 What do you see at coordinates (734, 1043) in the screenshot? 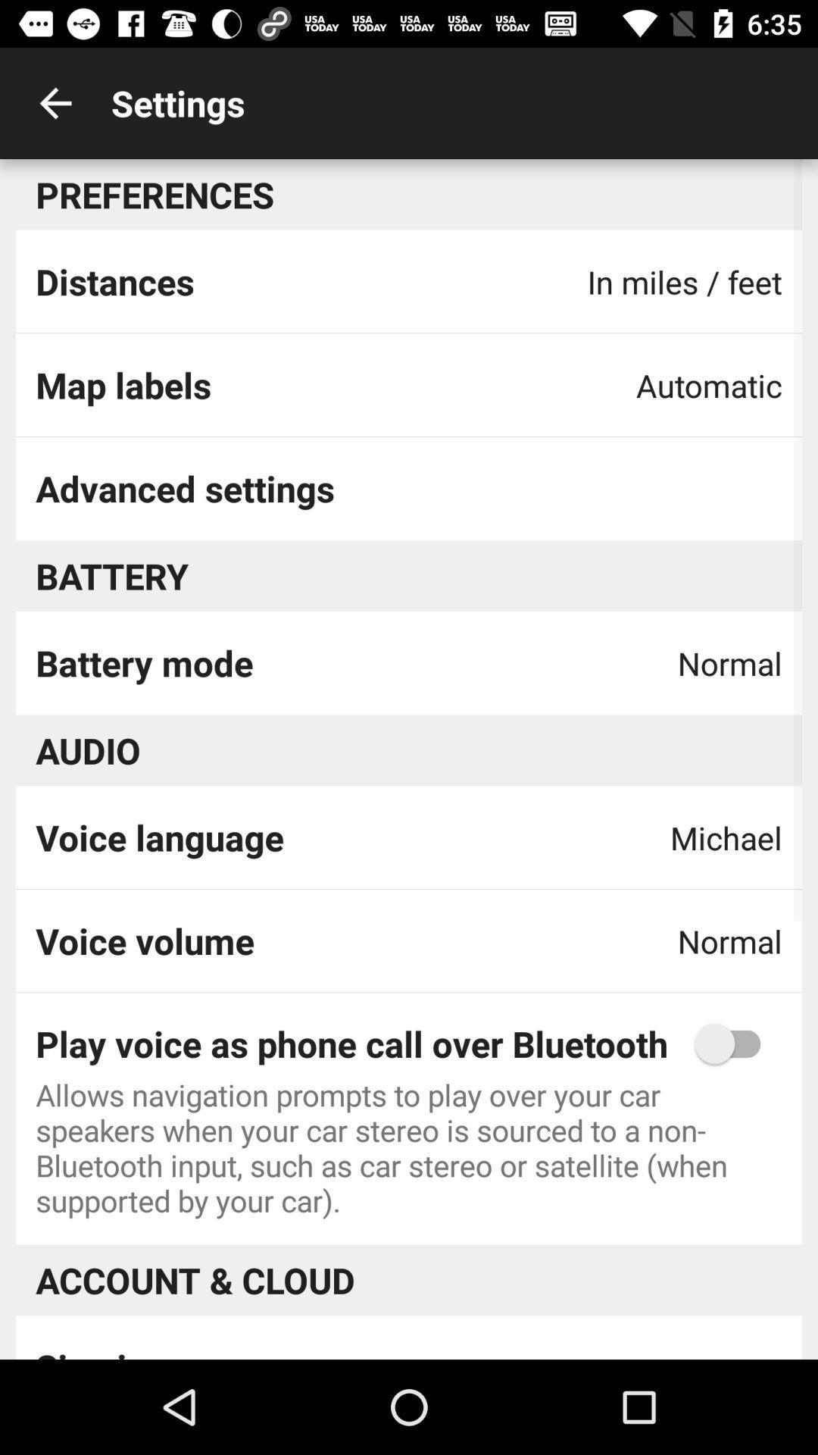
I see `switch phone over bluetooth option` at bounding box center [734, 1043].